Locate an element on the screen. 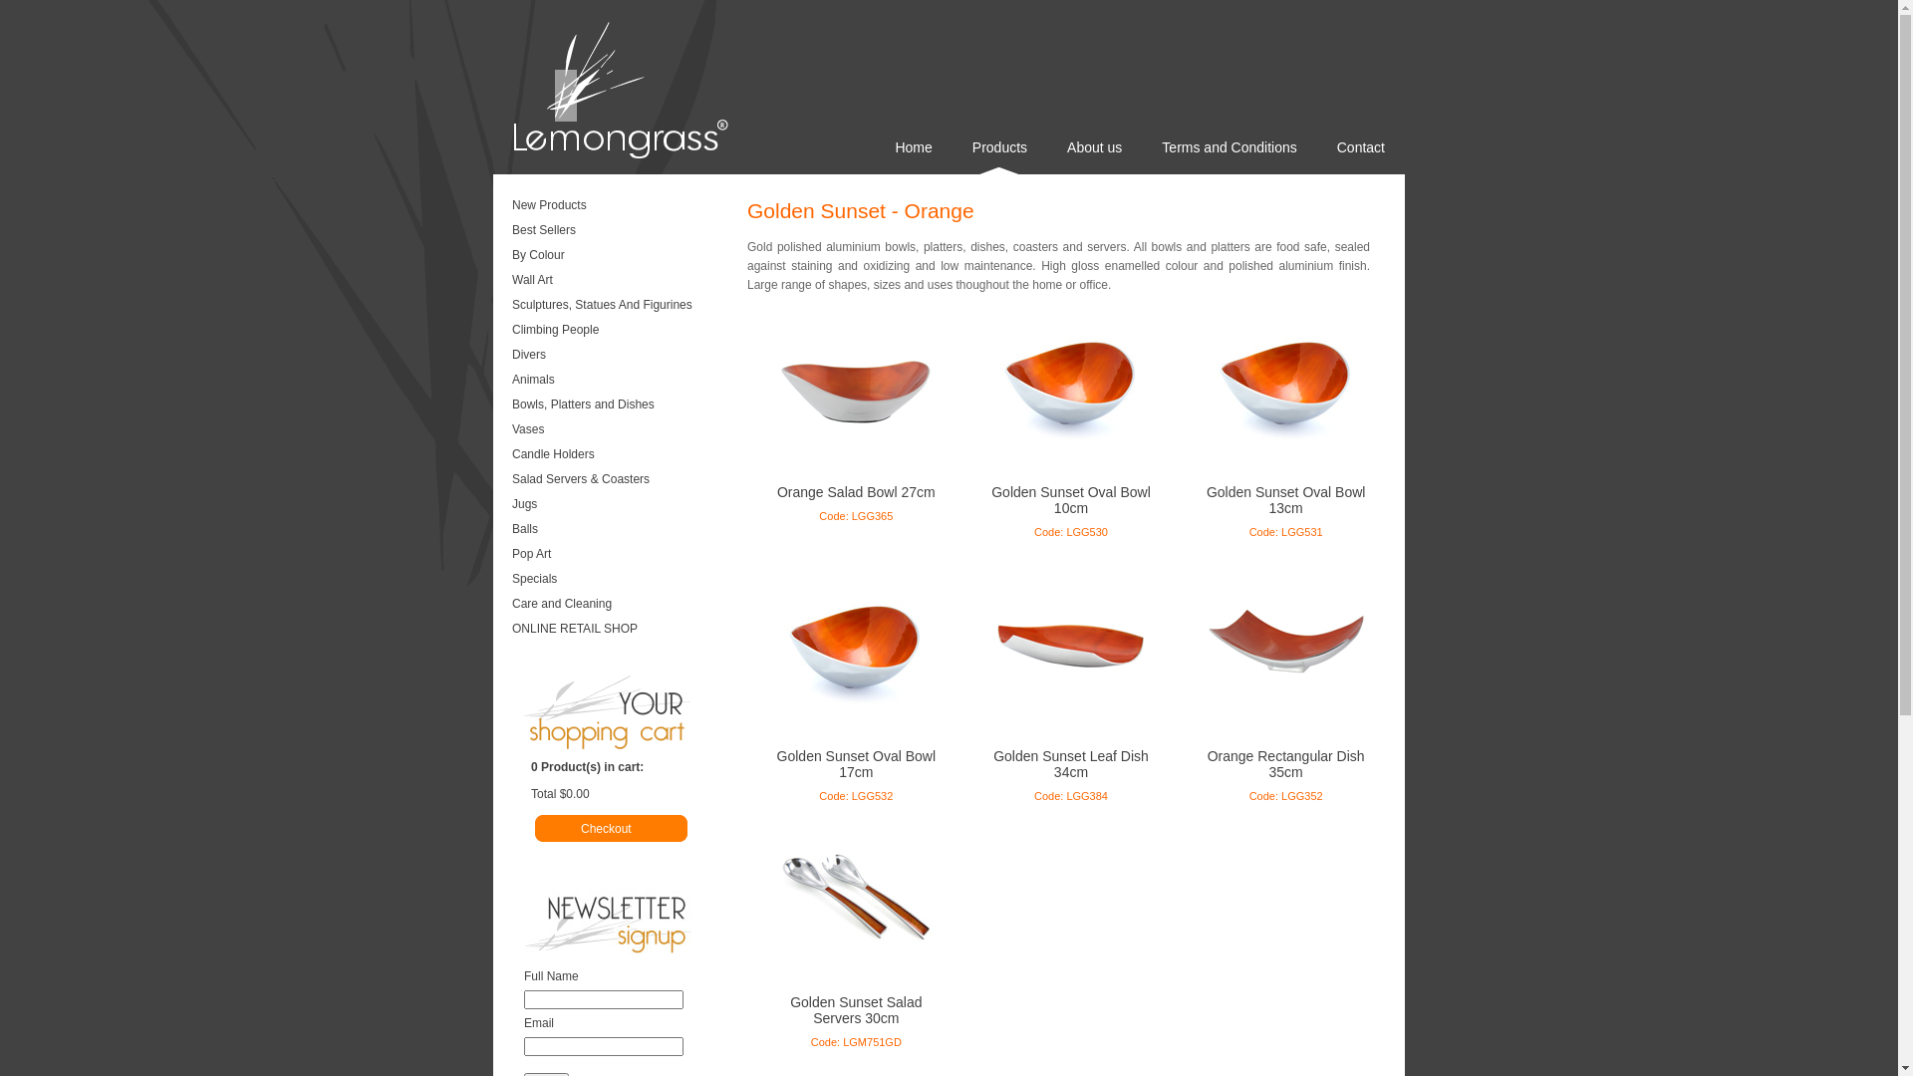 The height and width of the screenshot is (1076, 1913). 'Care and Cleaning' is located at coordinates (507, 605).